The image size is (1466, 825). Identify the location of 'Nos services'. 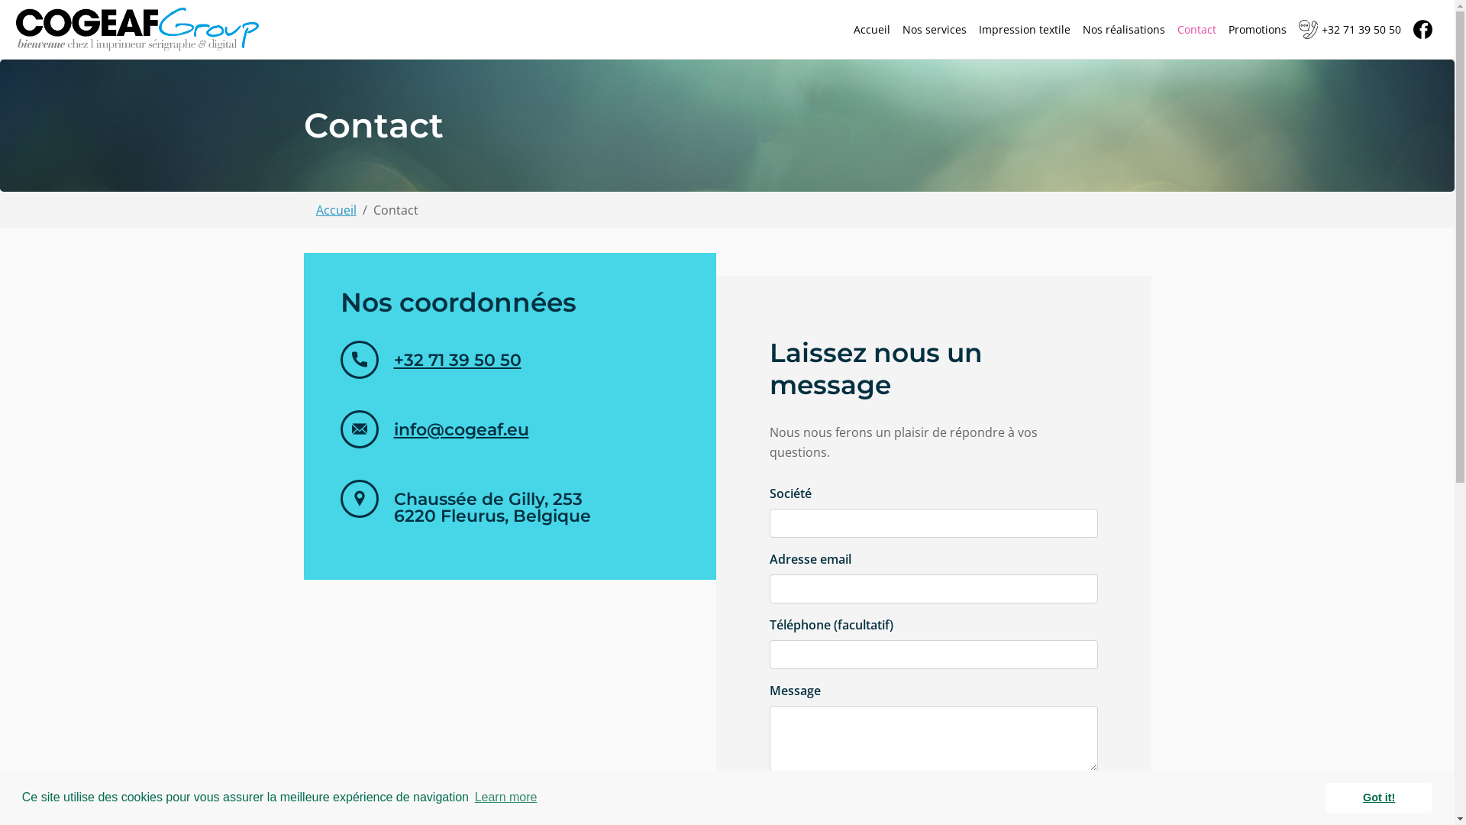
(934, 29).